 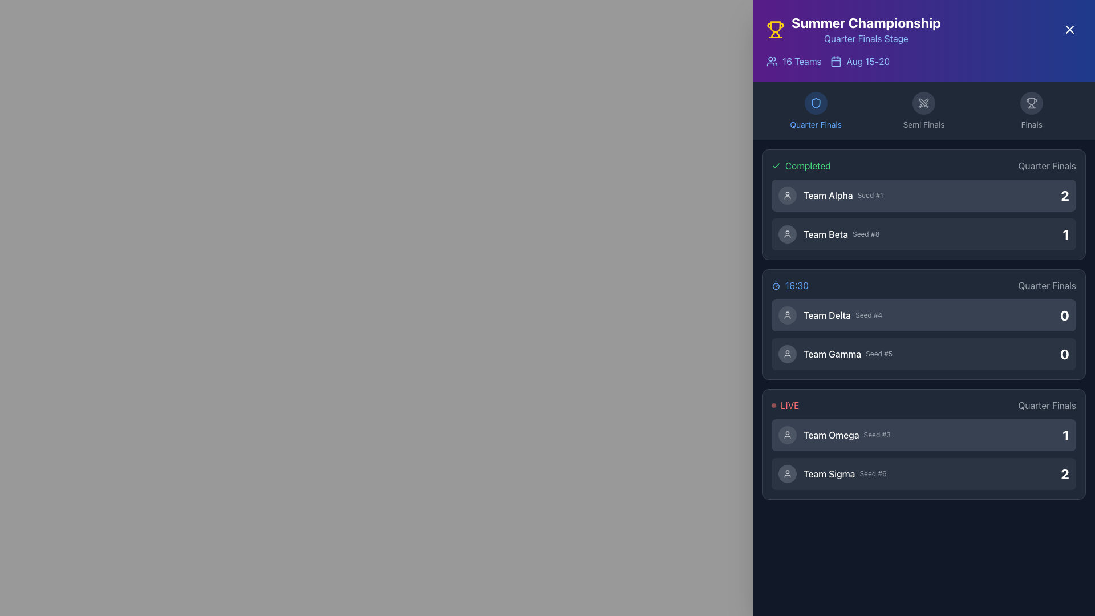 I want to click on the 'Team Beta' text label displayed in white on a dark background, so click(x=826, y=234).